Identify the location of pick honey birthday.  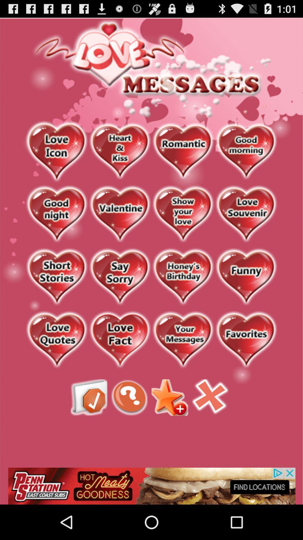
(183, 277).